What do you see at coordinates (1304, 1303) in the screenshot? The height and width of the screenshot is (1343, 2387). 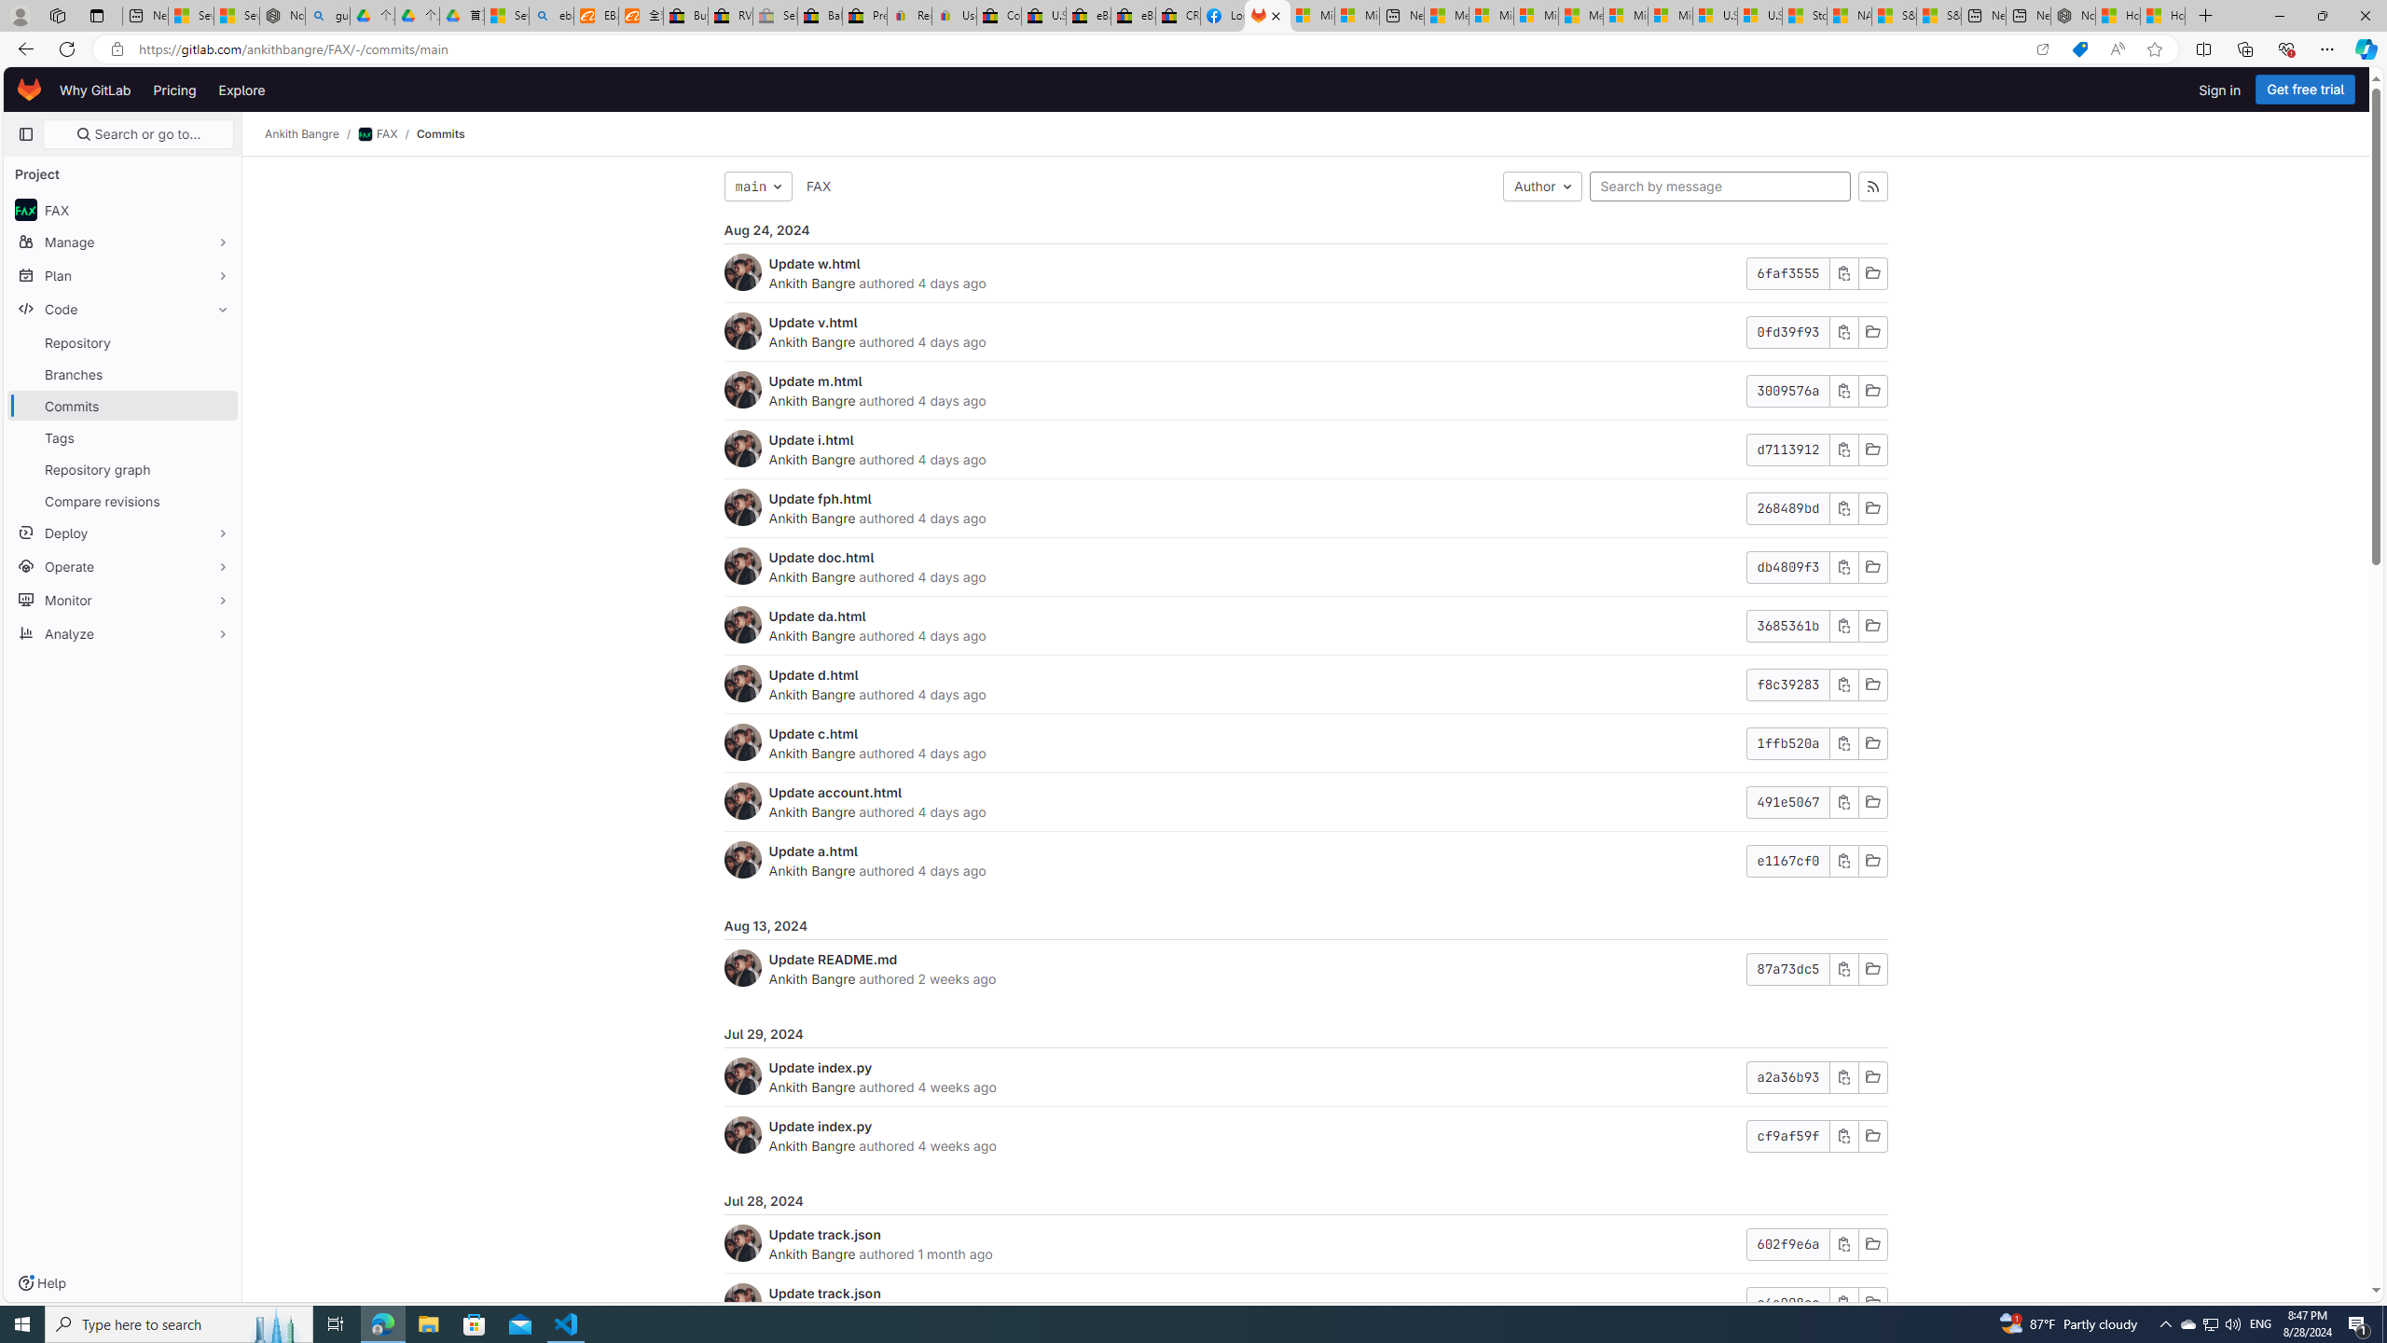 I see `'Update track.jsonAnkith Bangre authored 1 month agoc6a008ac'` at bounding box center [1304, 1303].